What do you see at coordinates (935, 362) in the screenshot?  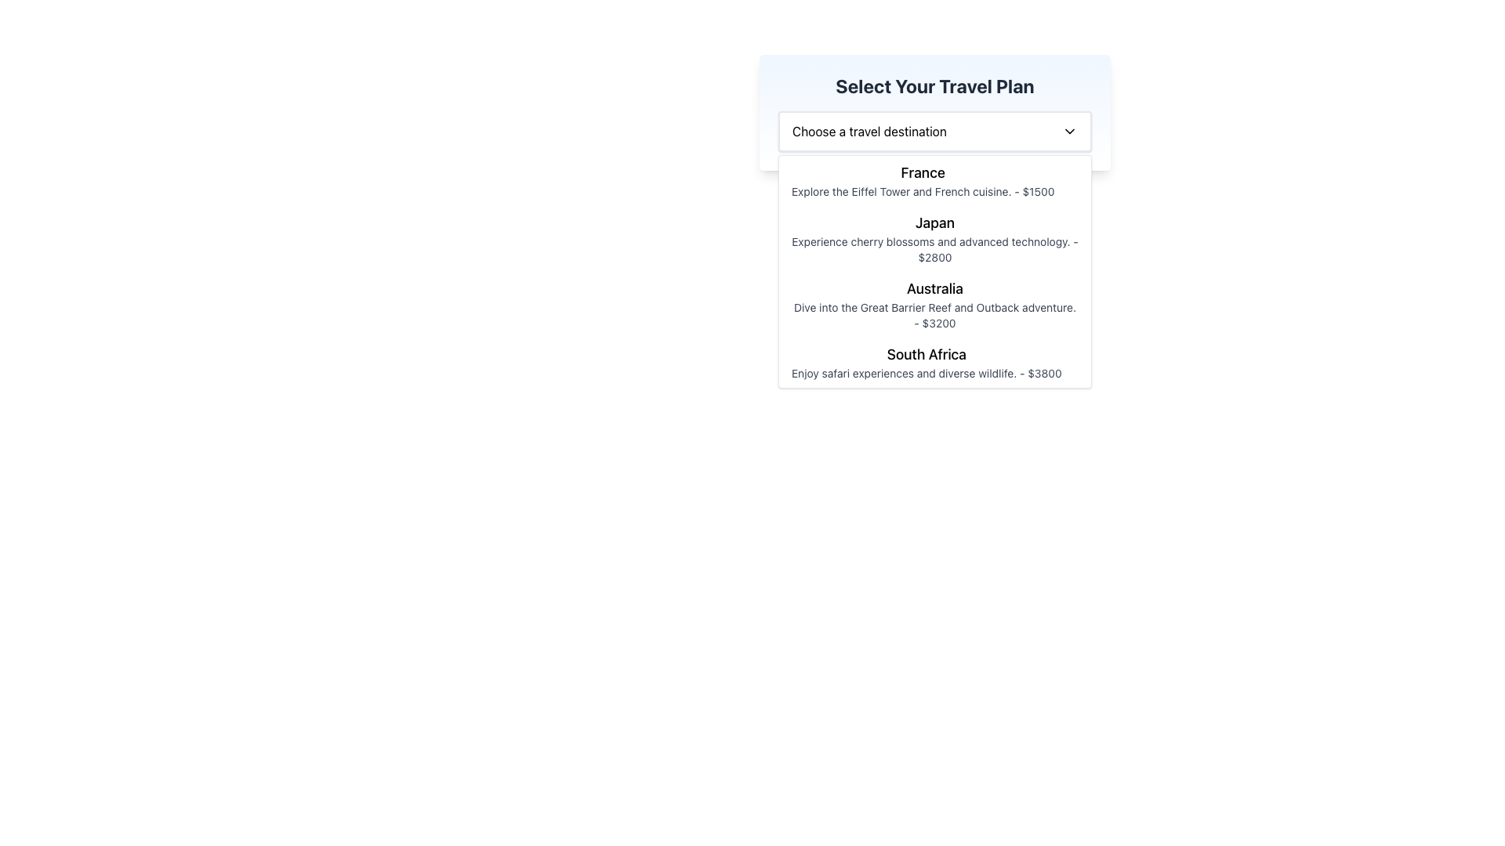 I see `information presented in the last item of the dropdown menu titled 'Select Your Travel Plan', which describes the 'South Africa' travel package` at bounding box center [935, 362].